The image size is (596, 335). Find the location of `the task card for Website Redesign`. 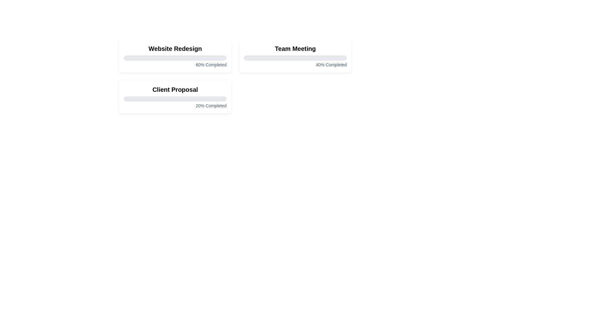

the task card for Website Redesign is located at coordinates (175, 56).